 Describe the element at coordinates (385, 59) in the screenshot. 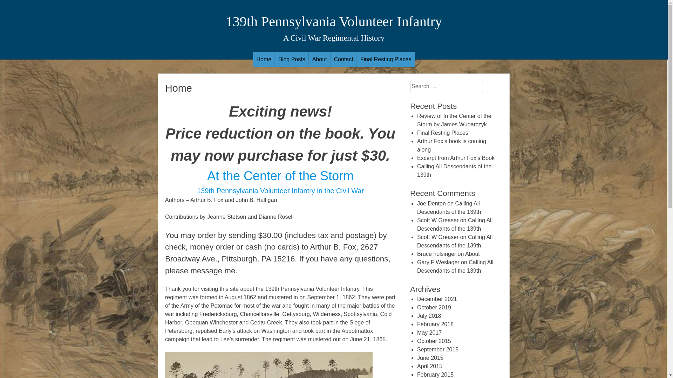

I see `'Final Resting Places'` at that location.